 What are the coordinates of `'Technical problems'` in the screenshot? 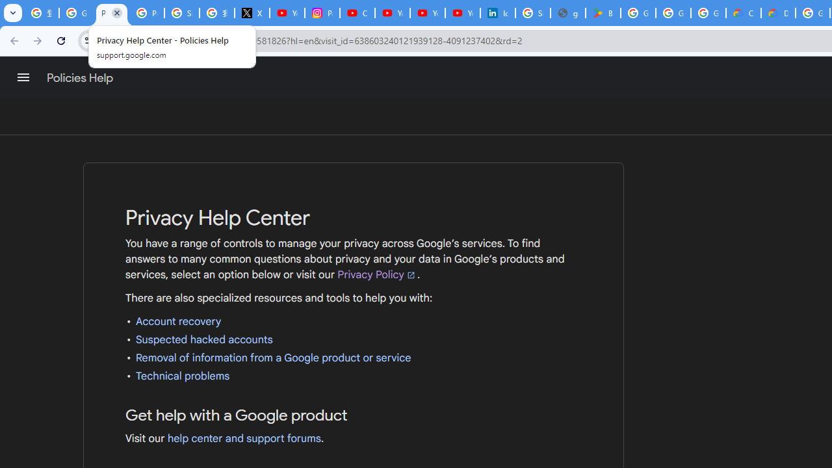 It's located at (182, 376).